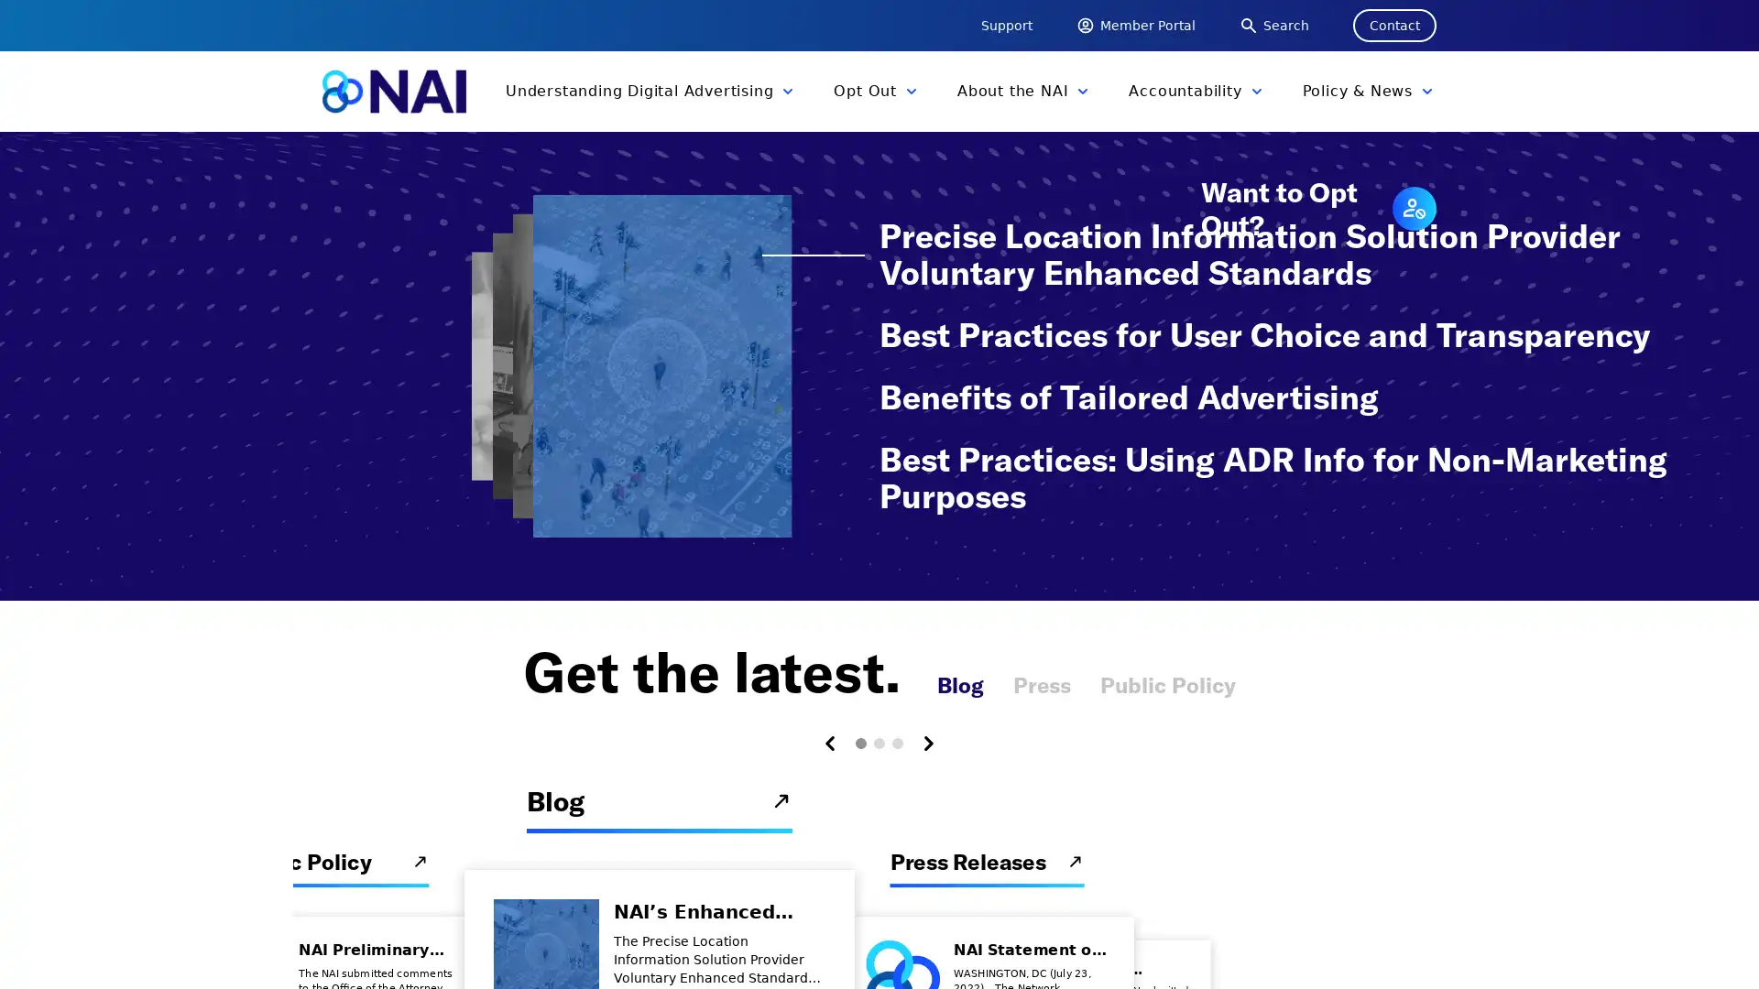 The height and width of the screenshot is (989, 1759). Describe the element at coordinates (860, 744) in the screenshot. I see `Carousel Page 1 (Current Slide)` at that location.